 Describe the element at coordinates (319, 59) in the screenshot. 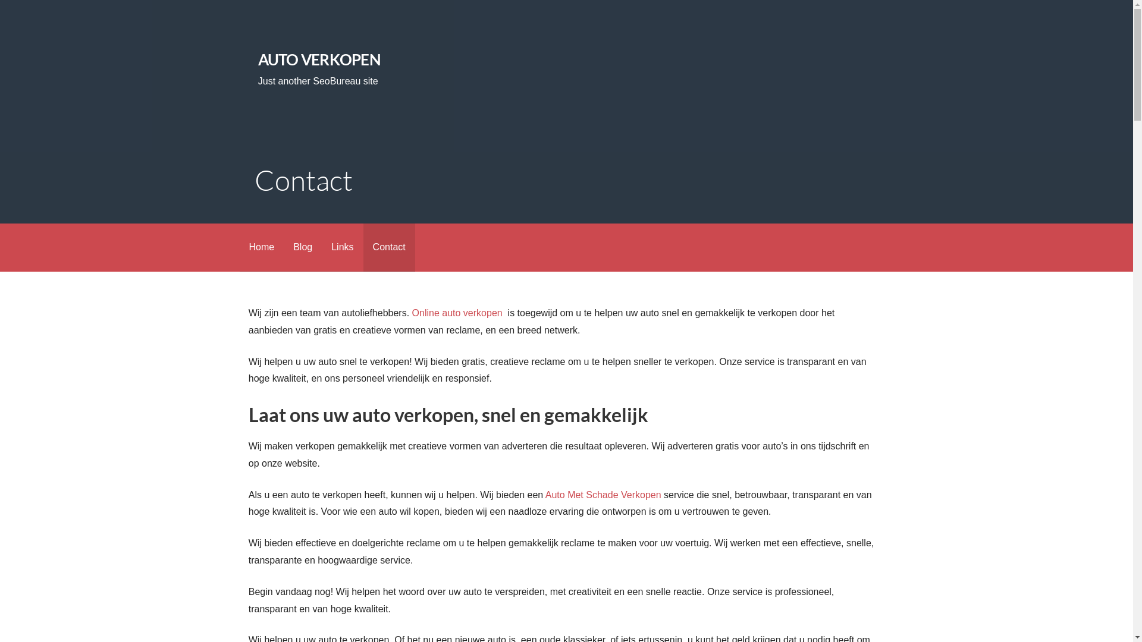

I see `'AUTO VERKOPEN'` at that location.